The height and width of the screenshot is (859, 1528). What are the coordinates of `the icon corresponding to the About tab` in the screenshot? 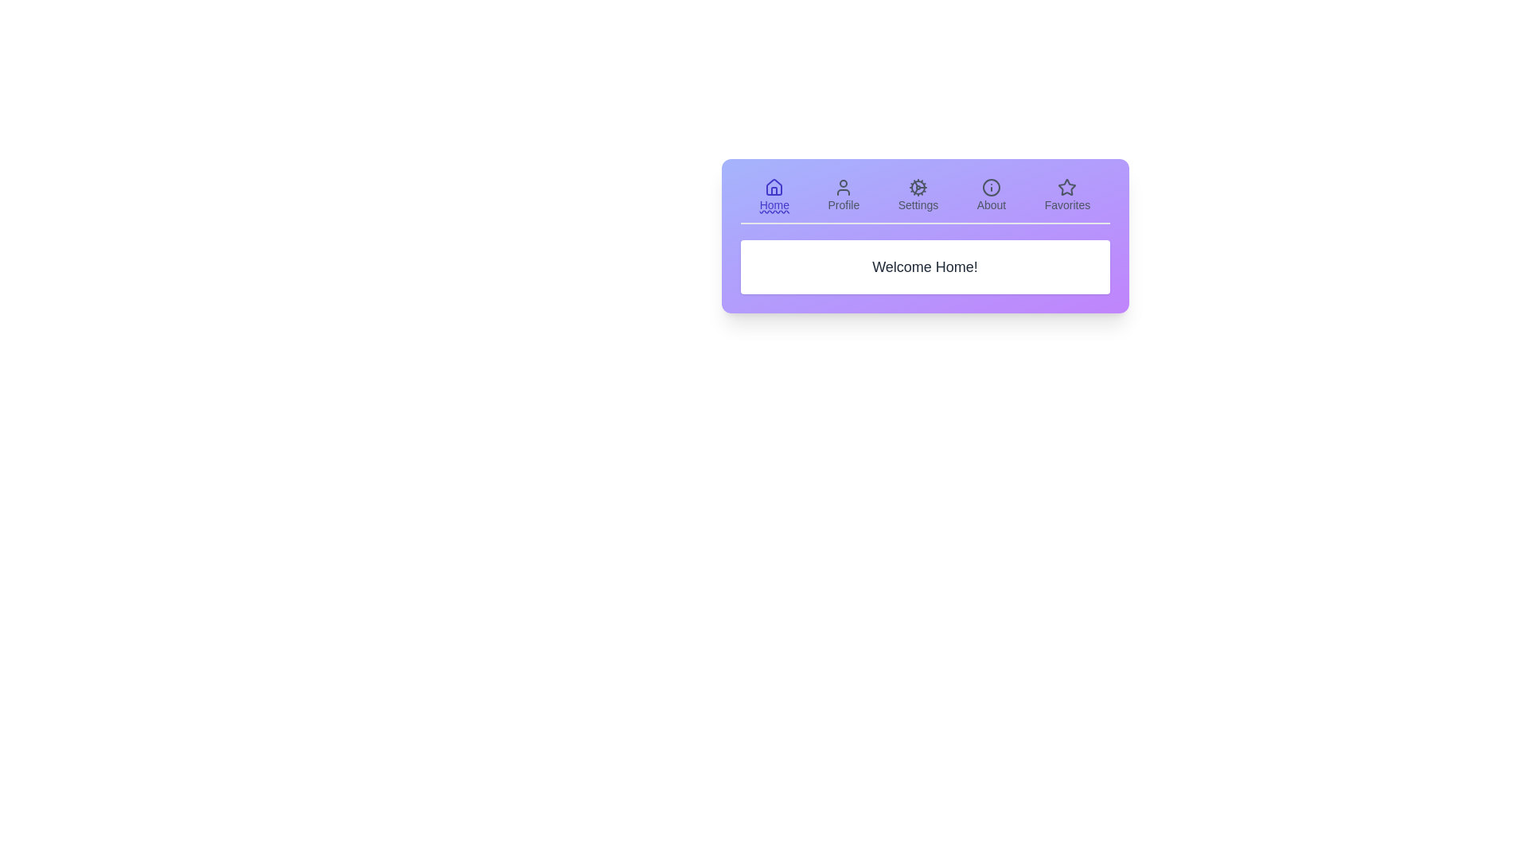 It's located at (989, 195).